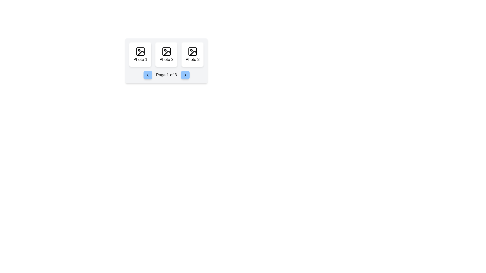 Image resolution: width=486 pixels, height=273 pixels. Describe the element at coordinates (166, 59) in the screenshot. I see `the text label 'Photo 2', which is styled in black font and located at the bottom-center of the middle card in a horizontal row of three cards` at that location.